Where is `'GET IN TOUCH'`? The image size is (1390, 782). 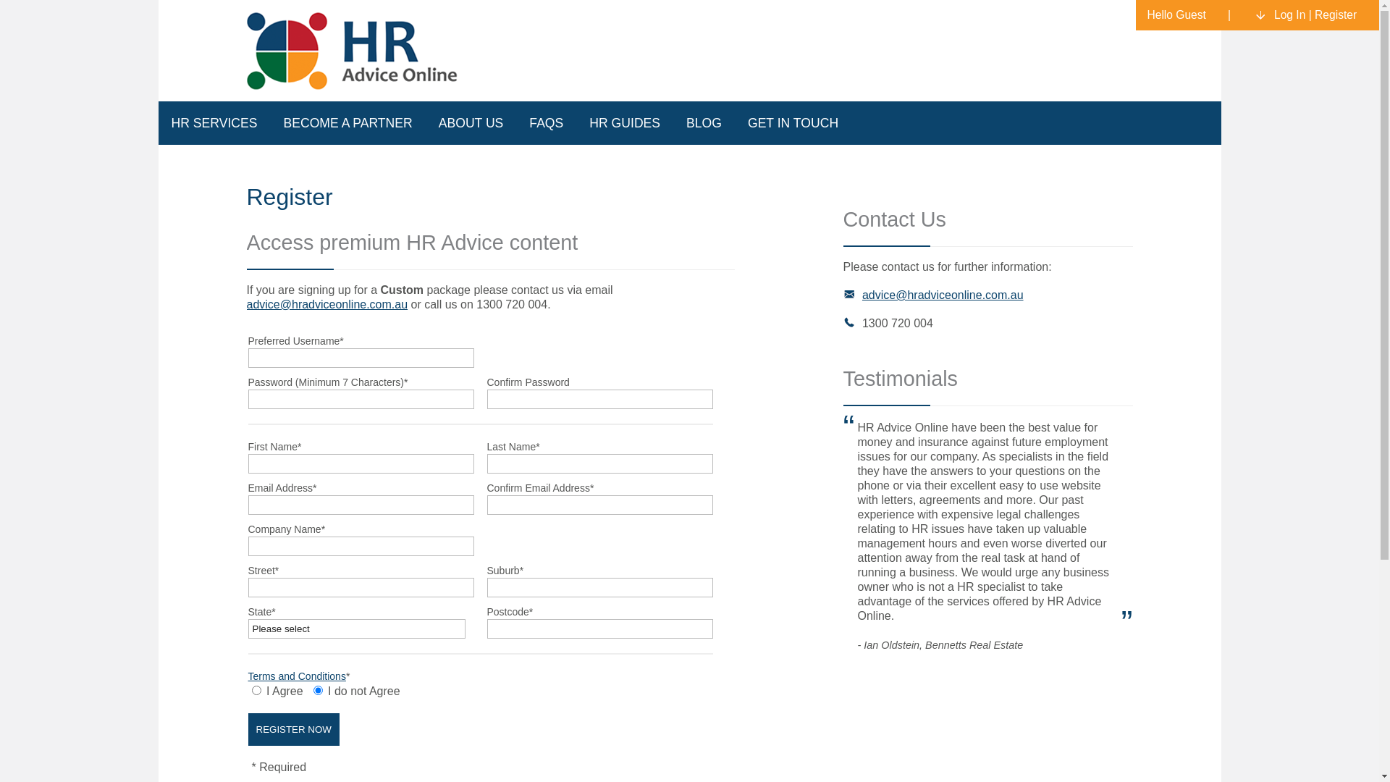
'GET IN TOUCH' is located at coordinates (792, 122).